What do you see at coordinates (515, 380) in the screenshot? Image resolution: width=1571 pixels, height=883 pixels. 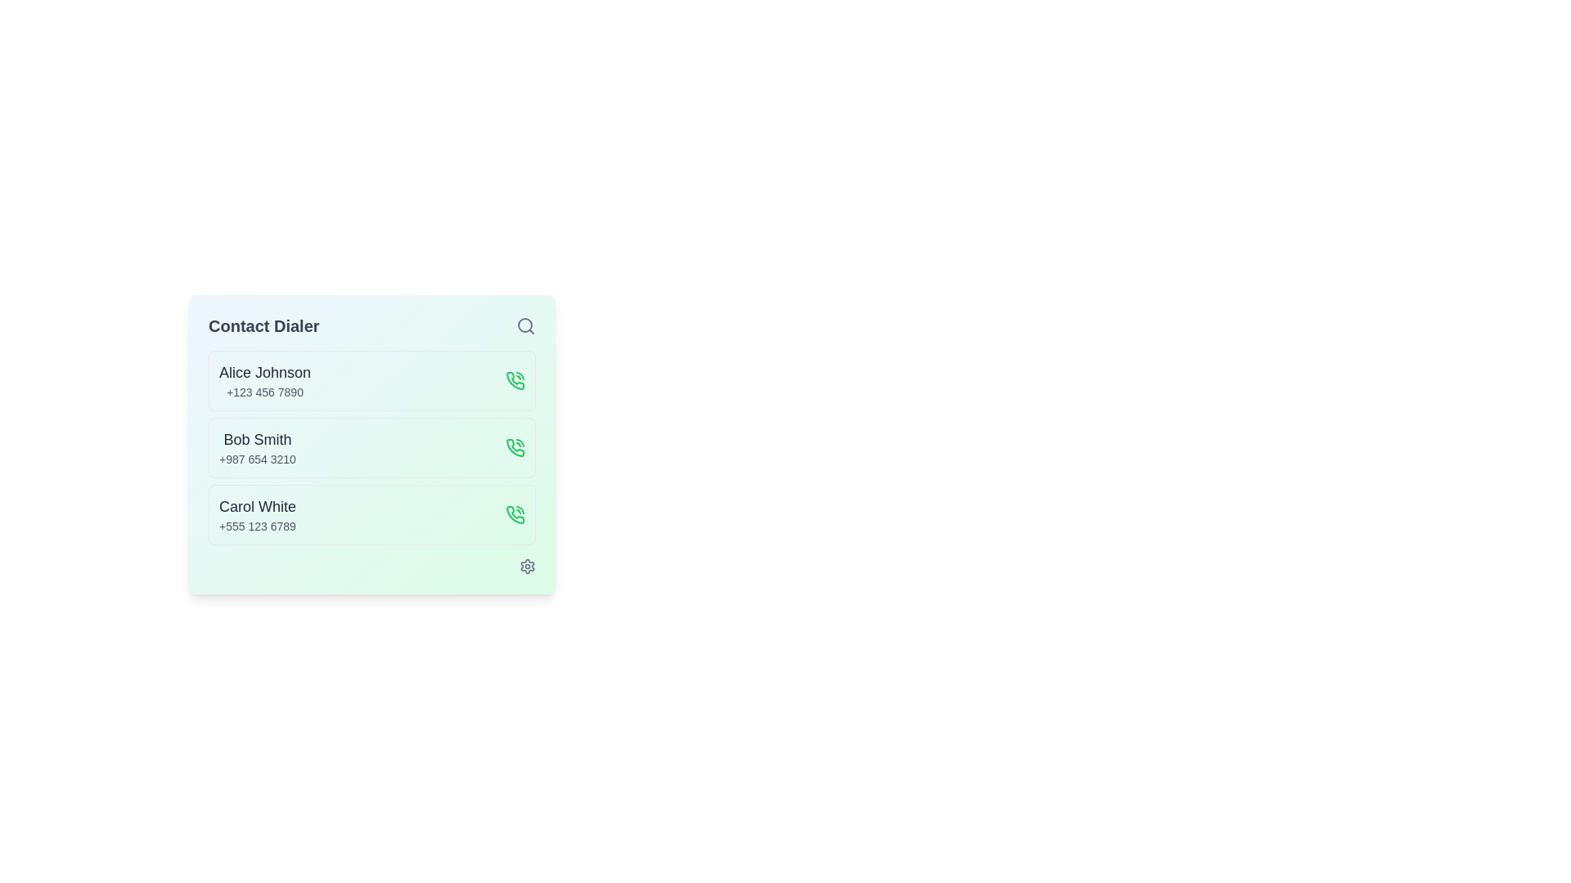 I see `the phone call icon located in the right portion of the second contact row to initiate a call` at bounding box center [515, 380].